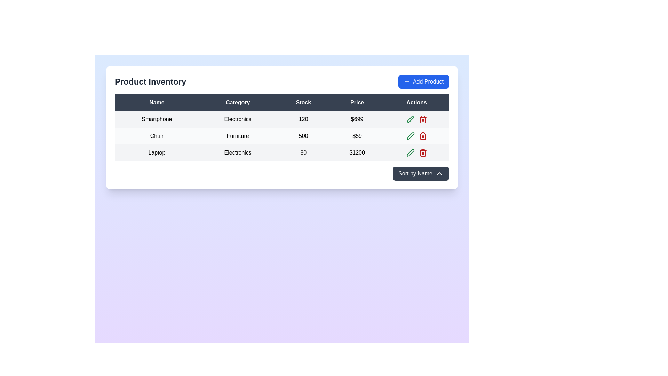  Describe the element at coordinates (157, 102) in the screenshot. I see `text from the first header cell in the table, which indicates the names or titles of the data in the corresponding column` at that location.